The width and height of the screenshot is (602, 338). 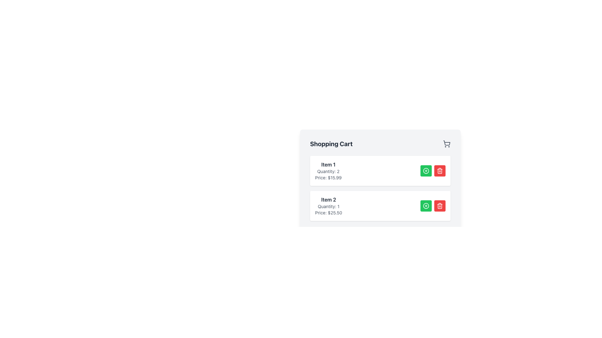 I want to click on the button used to increase the quantity of 'Item 1' in the shopping cart, so click(x=426, y=171).